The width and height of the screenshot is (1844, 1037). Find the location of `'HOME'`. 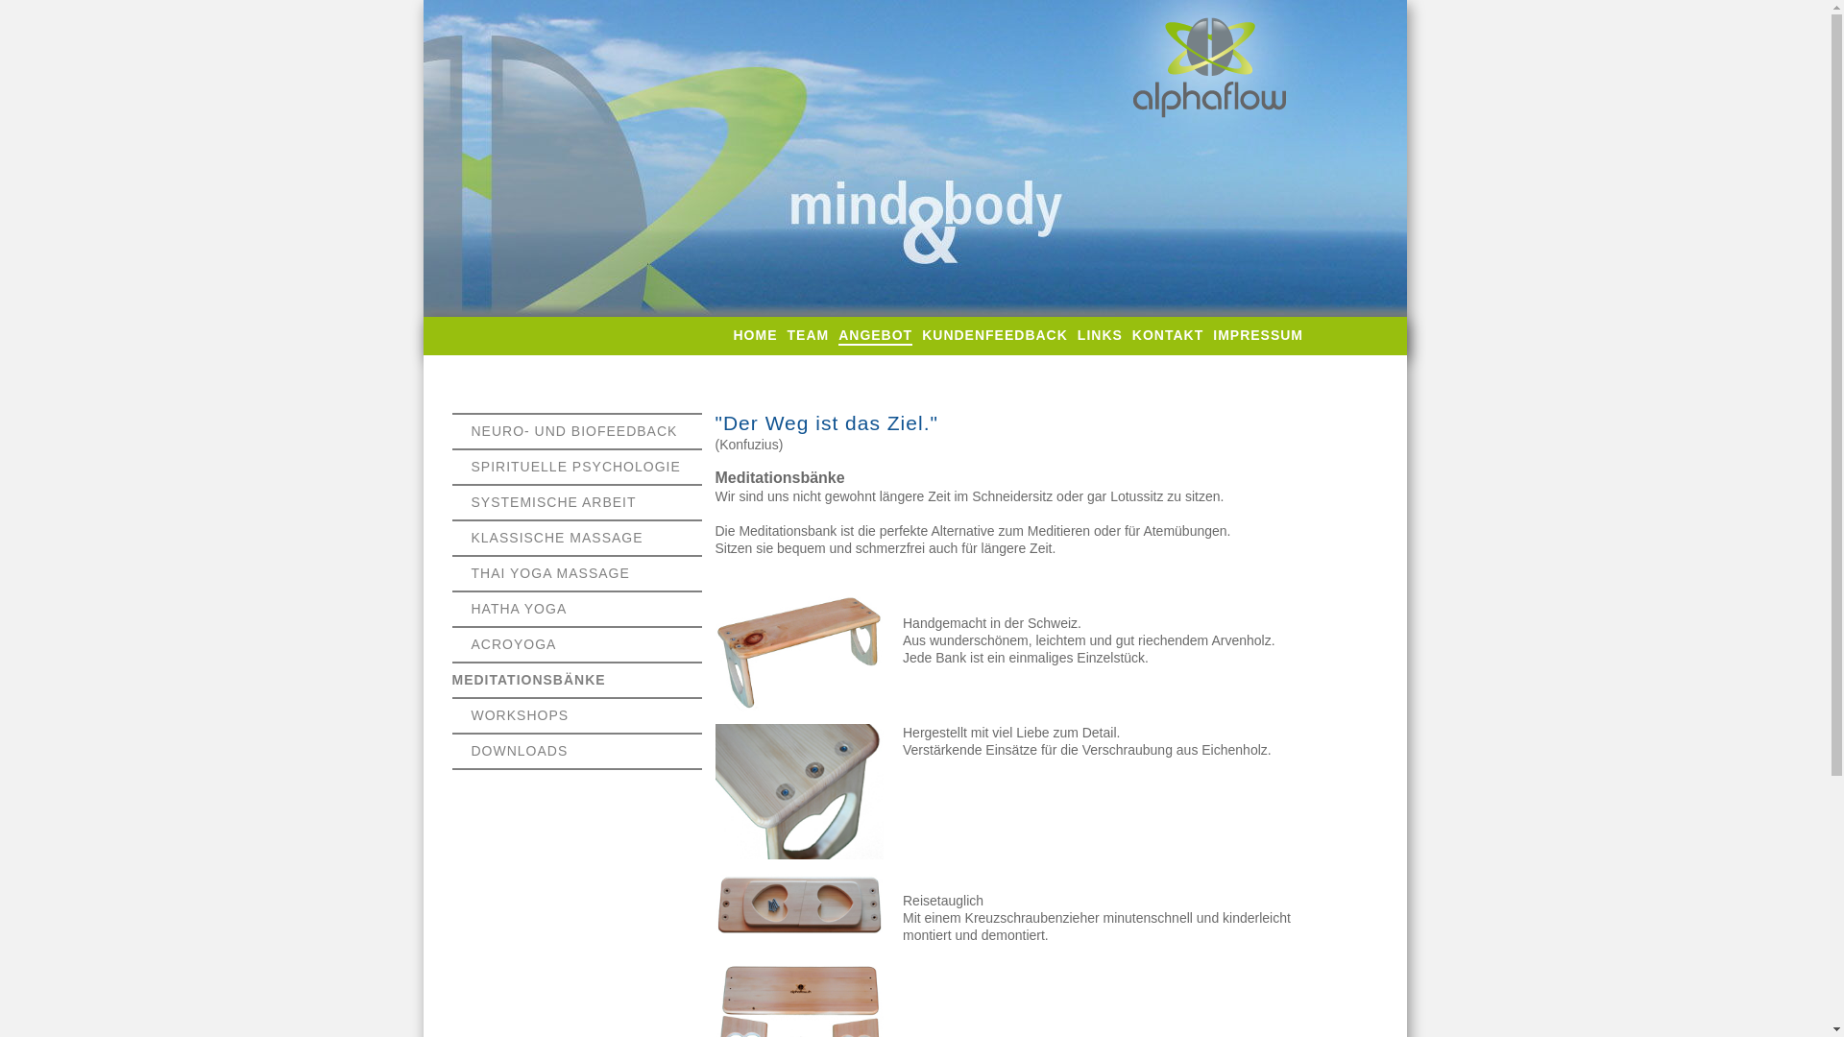

'HOME' is located at coordinates (755, 334).